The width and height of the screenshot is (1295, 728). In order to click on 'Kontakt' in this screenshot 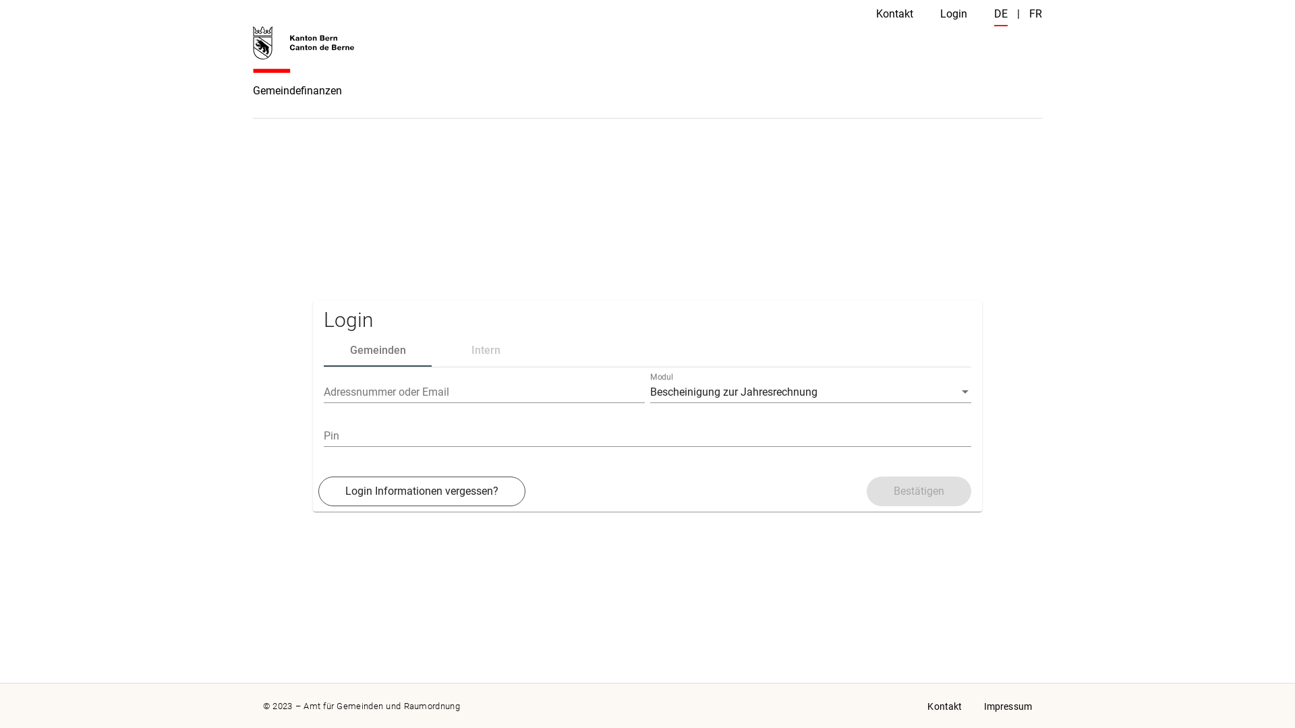, I will do `click(894, 13)`.